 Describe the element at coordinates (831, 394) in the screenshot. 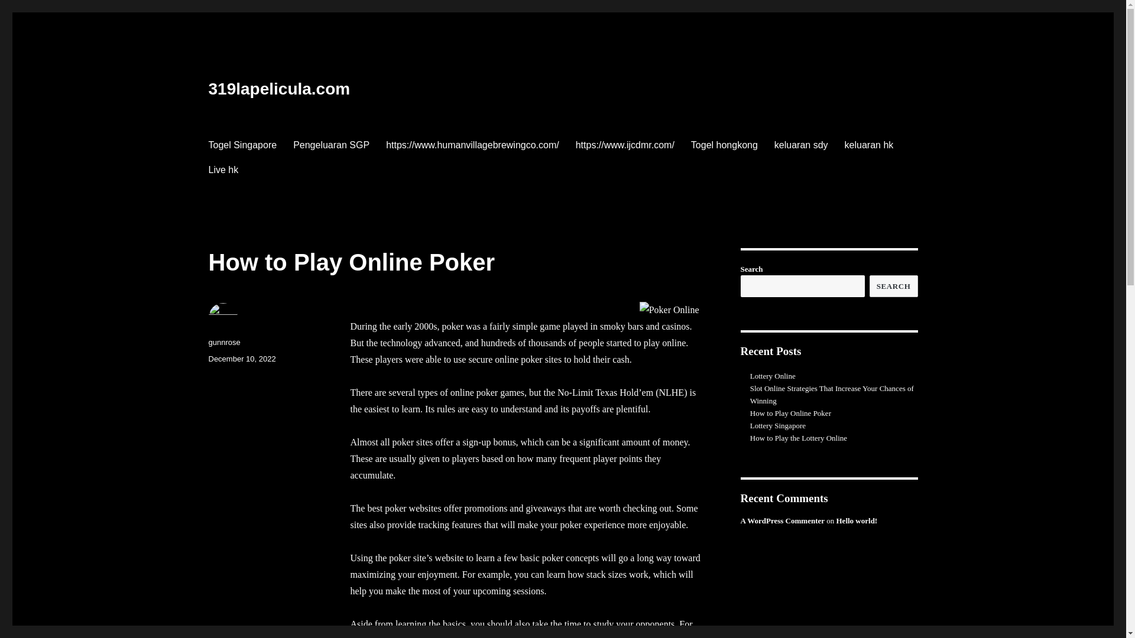

I see `'Slot Online Strategies That Increase Your Chances of Winning'` at that location.